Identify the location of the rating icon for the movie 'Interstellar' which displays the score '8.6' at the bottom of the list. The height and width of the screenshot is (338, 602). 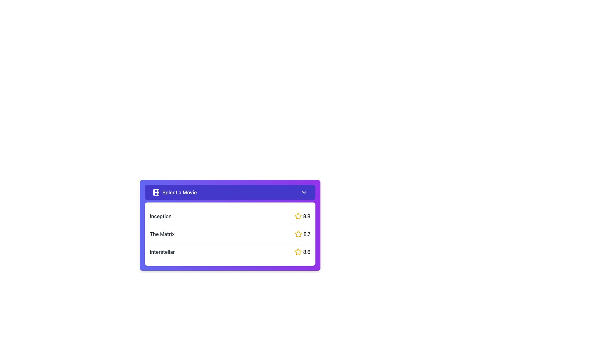
(298, 252).